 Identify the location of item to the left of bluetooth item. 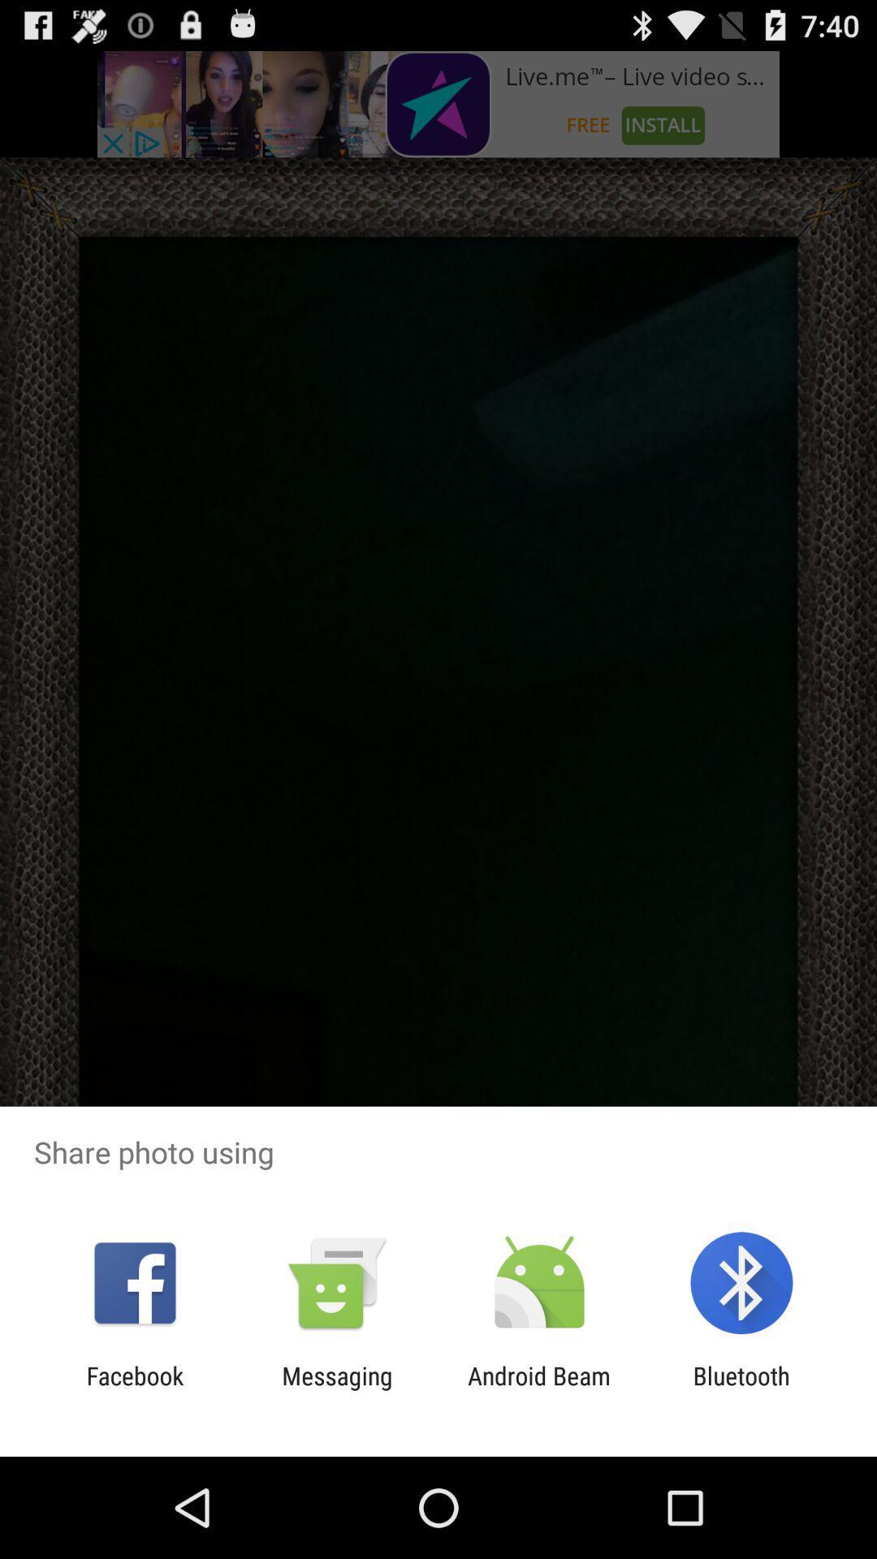
(539, 1389).